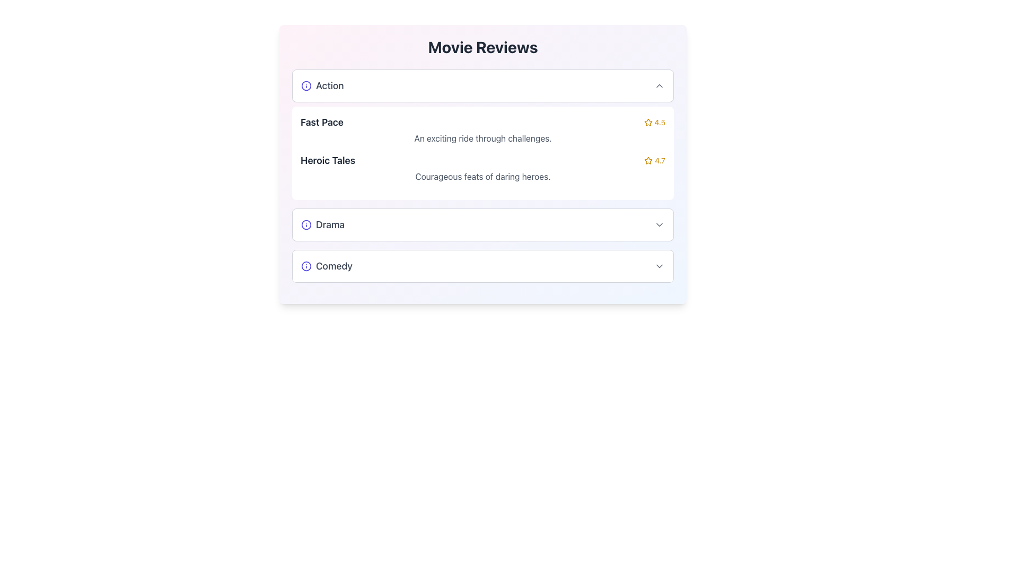 Image resolution: width=1018 pixels, height=573 pixels. Describe the element at coordinates (326, 265) in the screenshot. I see `the movie genre text label located to the left of the dropdown arrow` at that location.